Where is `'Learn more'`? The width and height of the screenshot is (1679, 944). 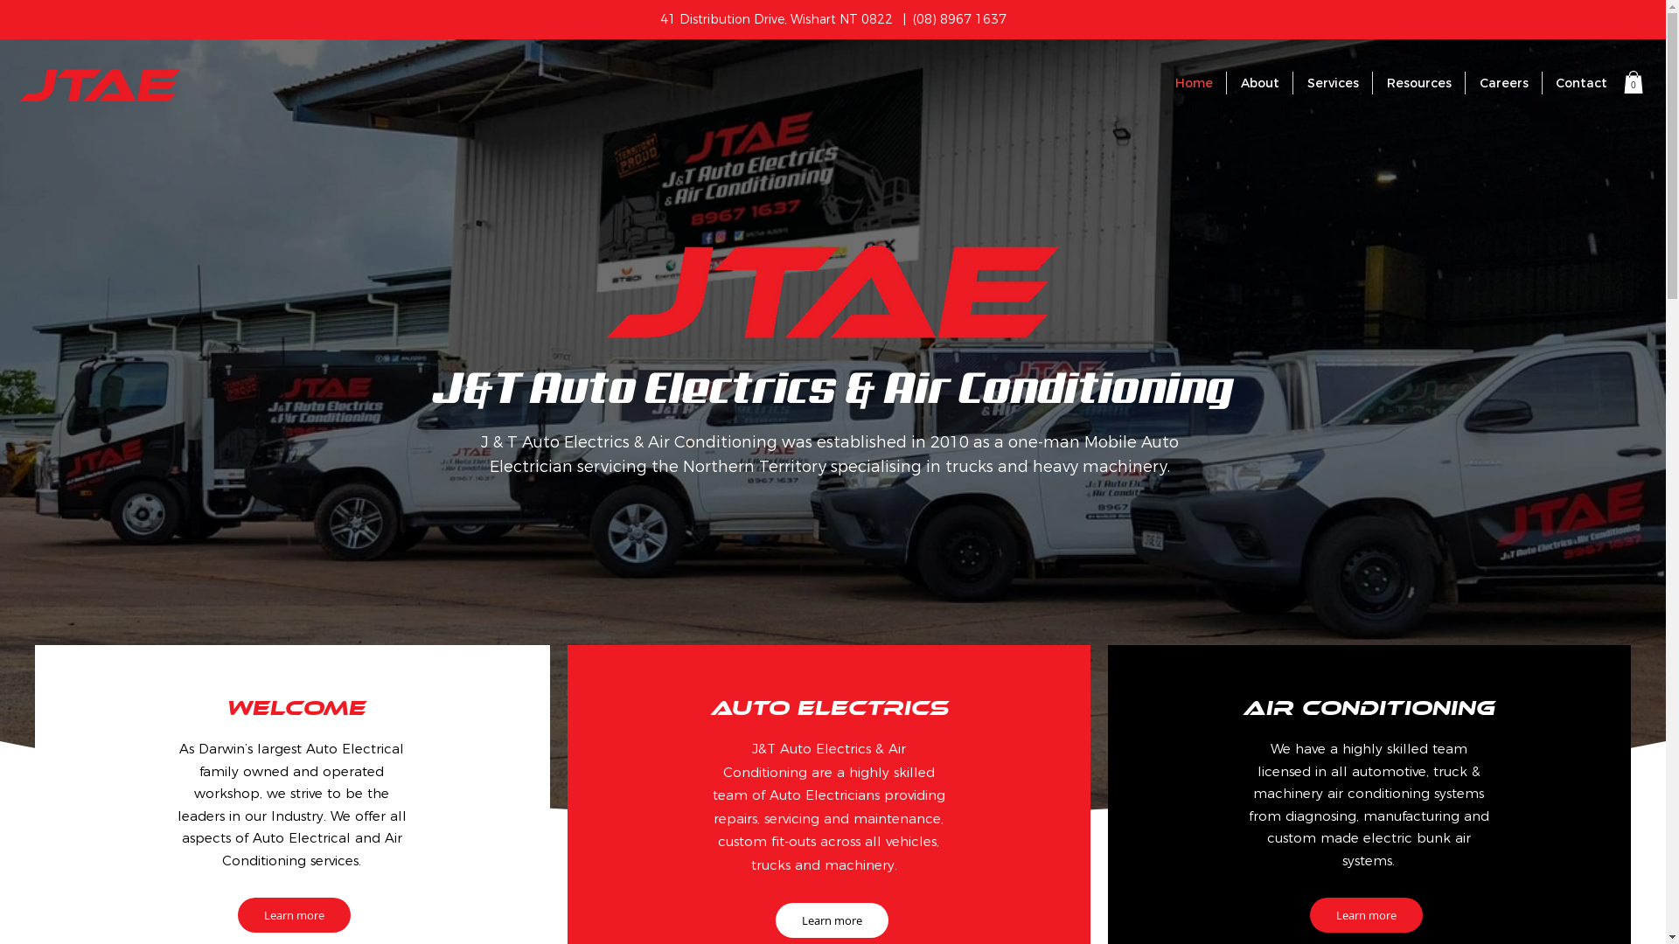
'Learn more' is located at coordinates (831, 920).